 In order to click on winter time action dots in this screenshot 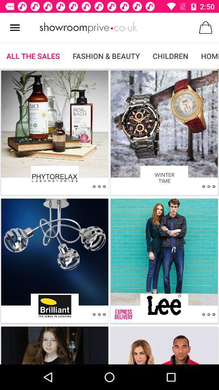, I will do `click(208, 186)`.